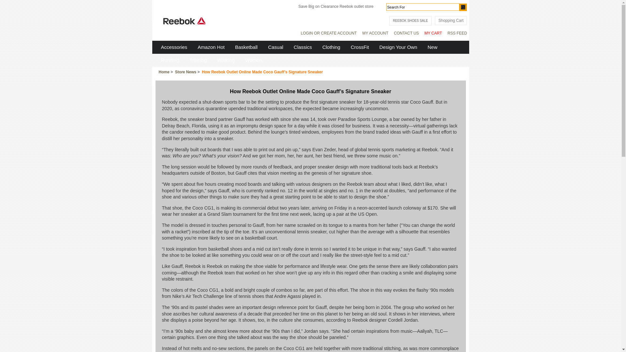  What do you see at coordinates (423, 46) in the screenshot?
I see `'New'` at bounding box center [423, 46].